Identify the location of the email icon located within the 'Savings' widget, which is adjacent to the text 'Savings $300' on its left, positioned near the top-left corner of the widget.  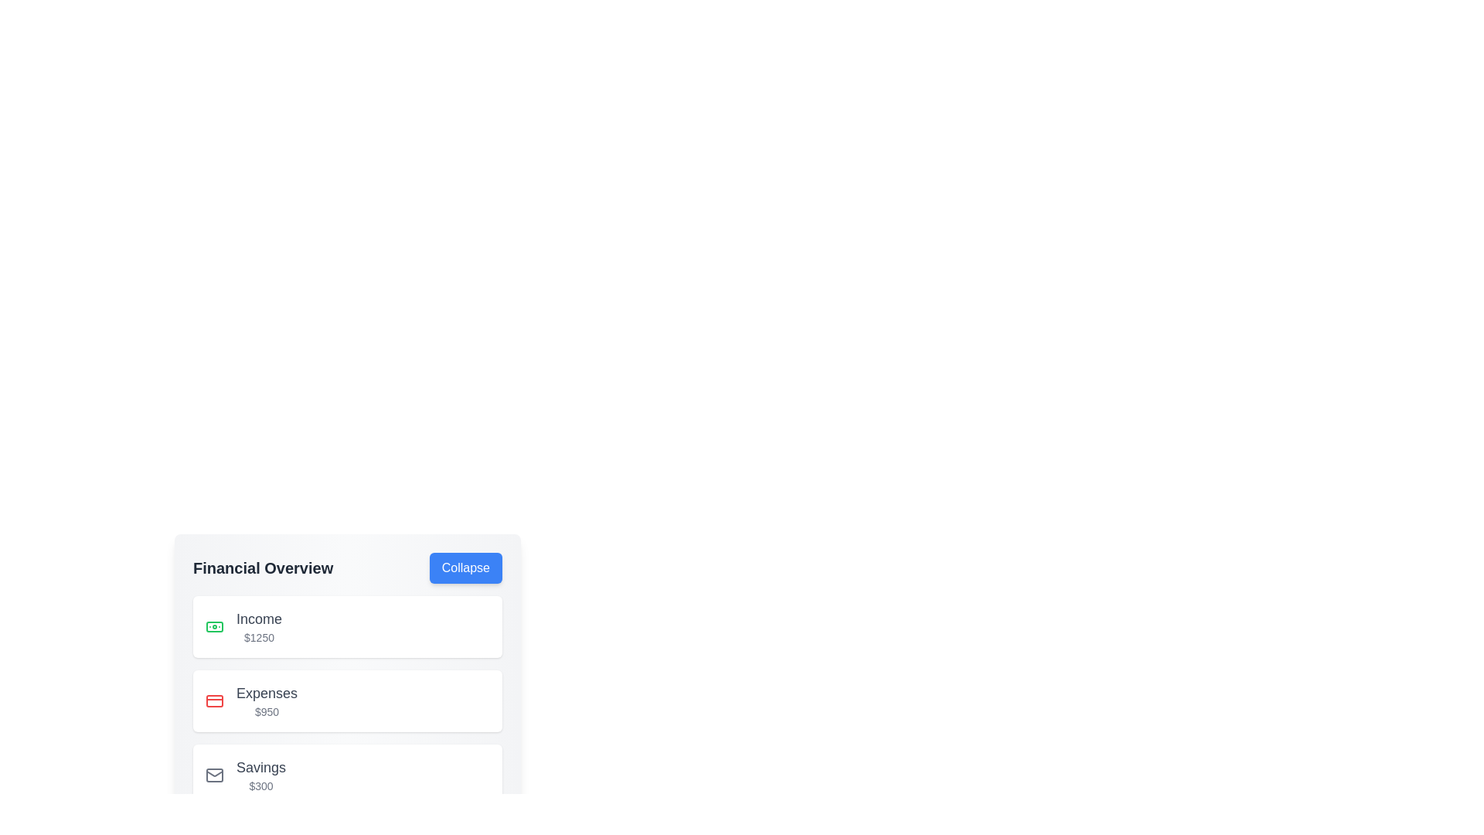
(214, 775).